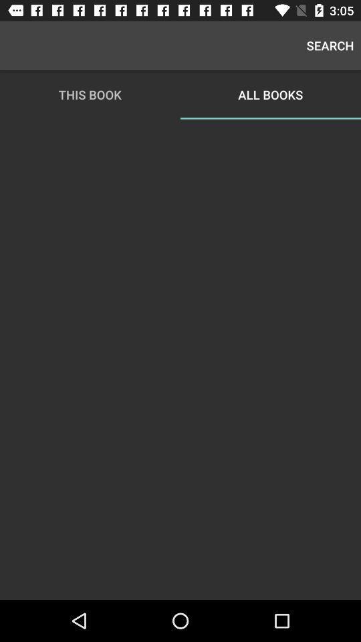 Image resolution: width=361 pixels, height=642 pixels. What do you see at coordinates (330, 45) in the screenshot?
I see `icon next to this book` at bounding box center [330, 45].